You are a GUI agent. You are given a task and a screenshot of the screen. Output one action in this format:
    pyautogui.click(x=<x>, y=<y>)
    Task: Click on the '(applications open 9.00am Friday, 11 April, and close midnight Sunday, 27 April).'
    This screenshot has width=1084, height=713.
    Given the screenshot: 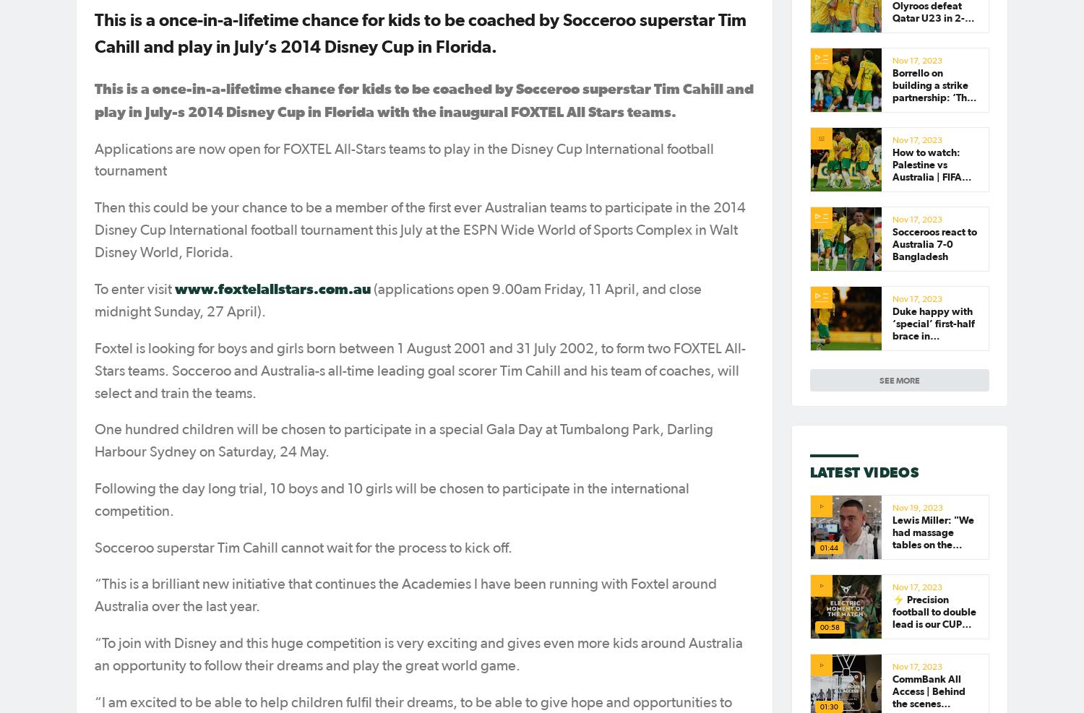 What is the action you would take?
    pyautogui.click(x=397, y=301)
    